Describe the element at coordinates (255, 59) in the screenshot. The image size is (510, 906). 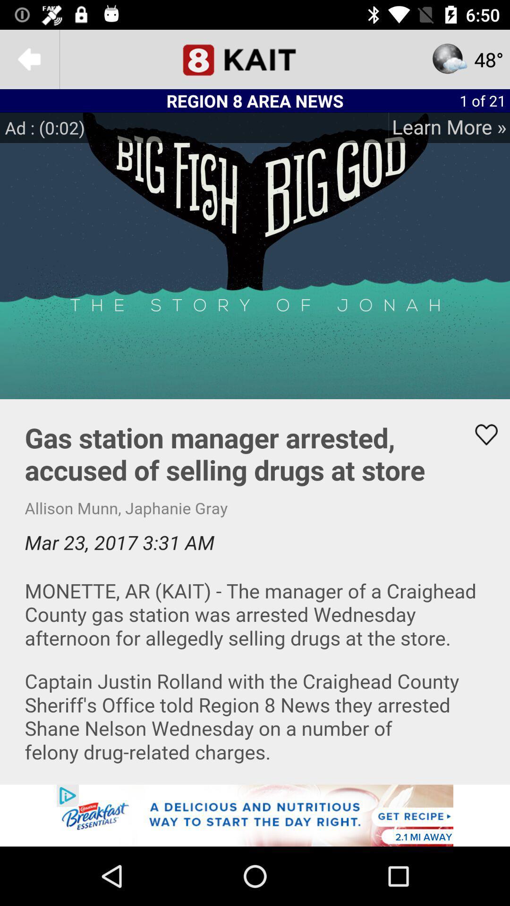
I see `home page` at that location.